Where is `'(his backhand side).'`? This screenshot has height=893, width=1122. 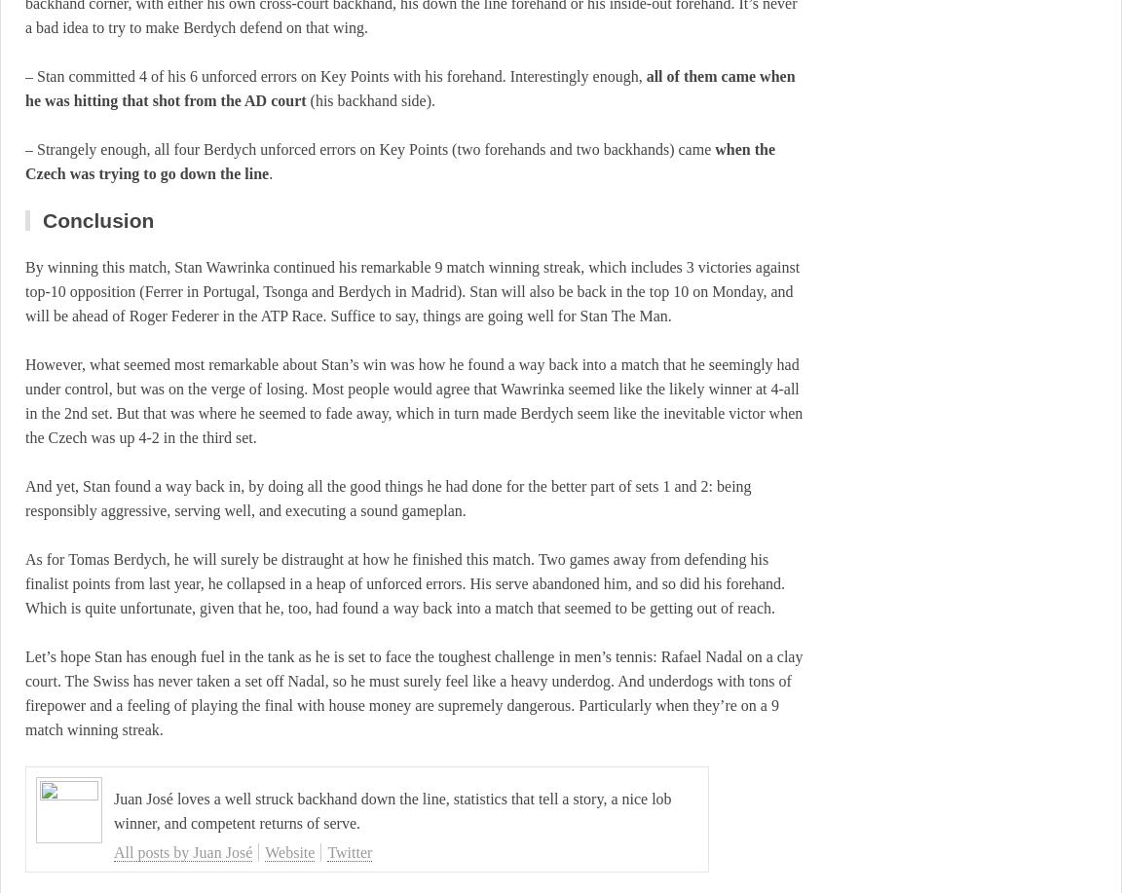 '(his backhand side).' is located at coordinates (369, 99).